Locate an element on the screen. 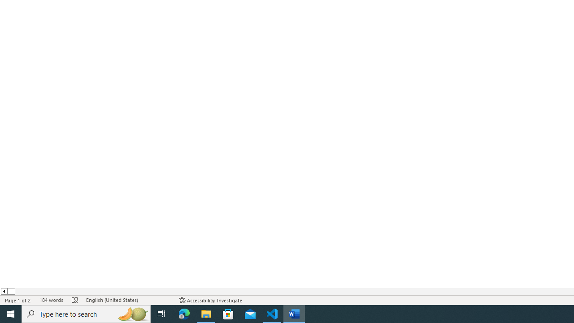 The width and height of the screenshot is (574, 323). 'Word - 1 running window' is located at coordinates (294, 313).